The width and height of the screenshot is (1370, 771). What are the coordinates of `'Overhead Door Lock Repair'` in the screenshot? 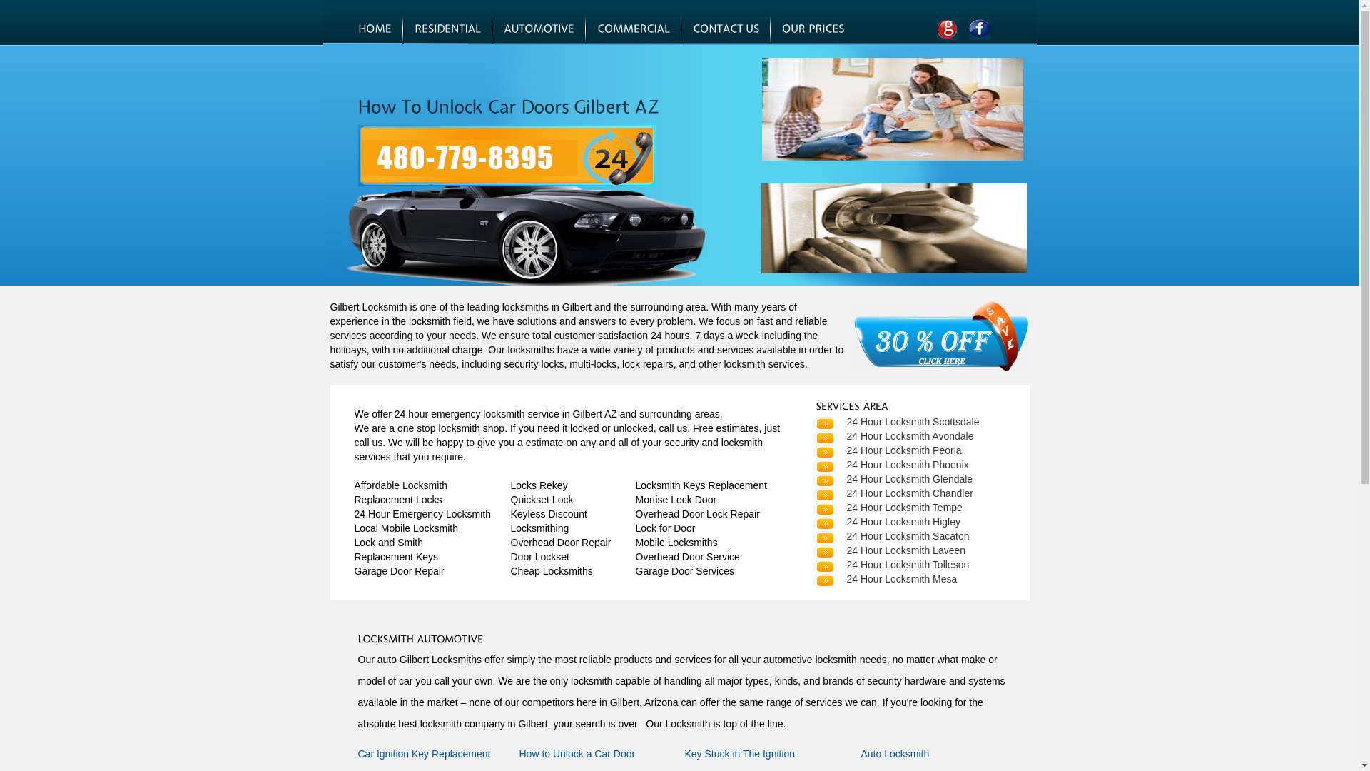 It's located at (697, 514).